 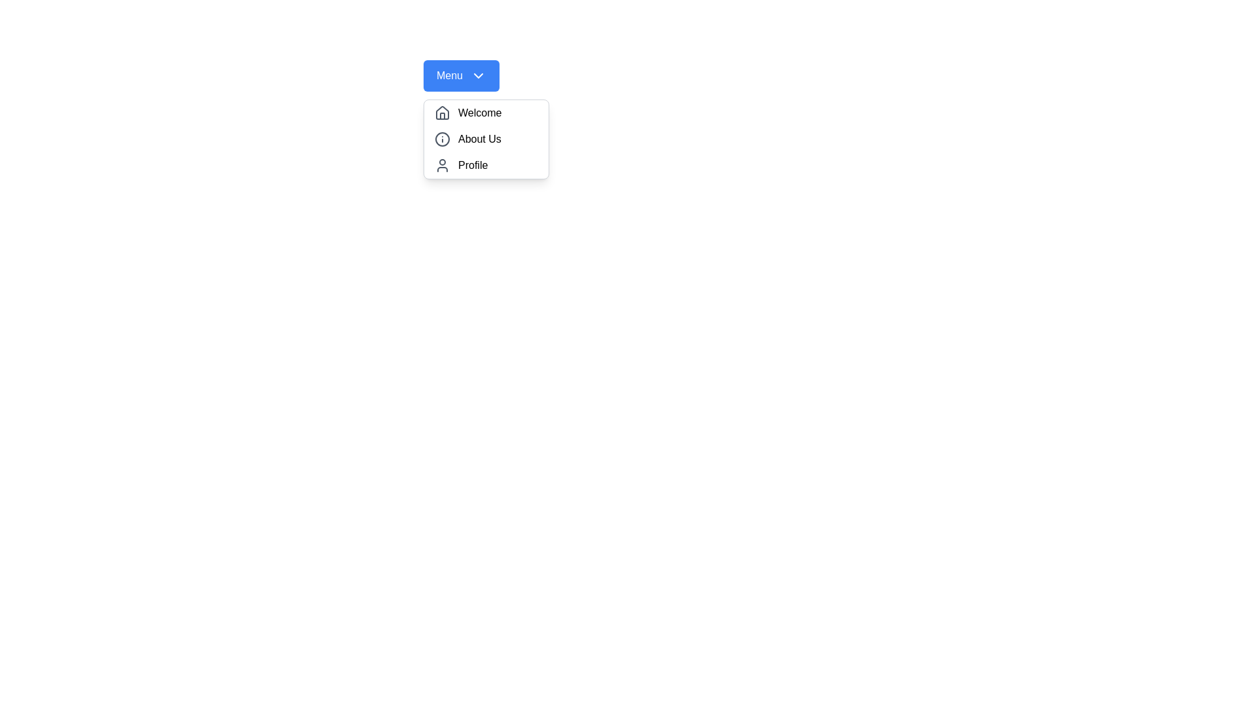 What do you see at coordinates (486, 165) in the screenshot?
I see `the 'Profile' option in the menu` at bounding box center [486, 165].